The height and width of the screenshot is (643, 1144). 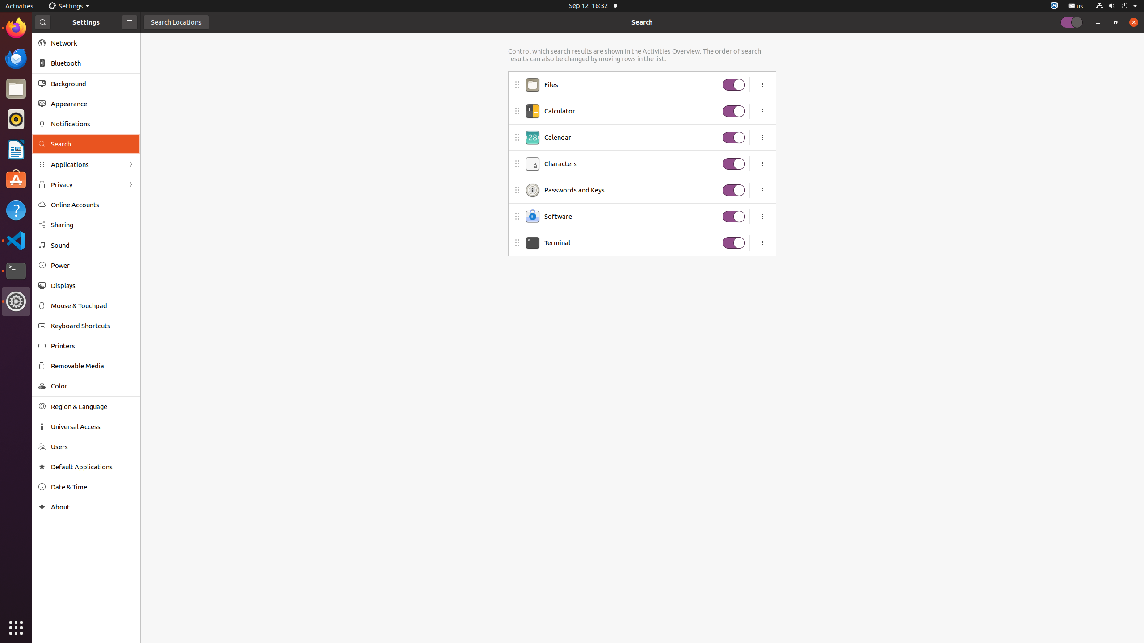 I want to click on 'Settings', so click(x=69, y=5).